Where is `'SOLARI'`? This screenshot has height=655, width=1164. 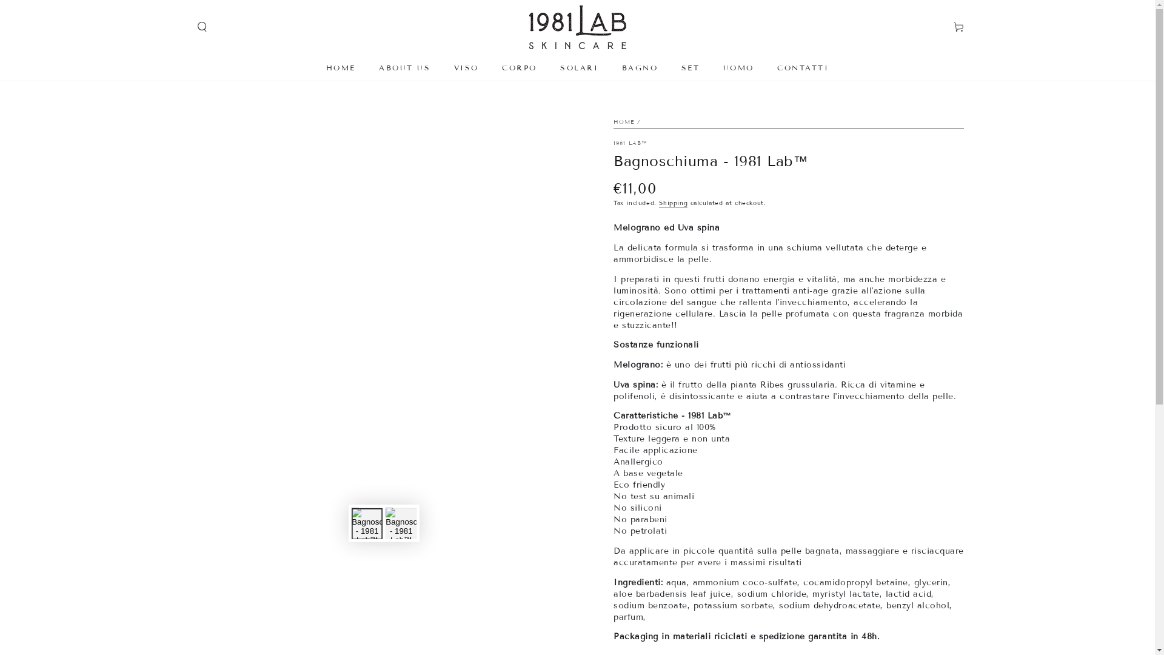
'SOLARI' is located at coordinates (578, 67).